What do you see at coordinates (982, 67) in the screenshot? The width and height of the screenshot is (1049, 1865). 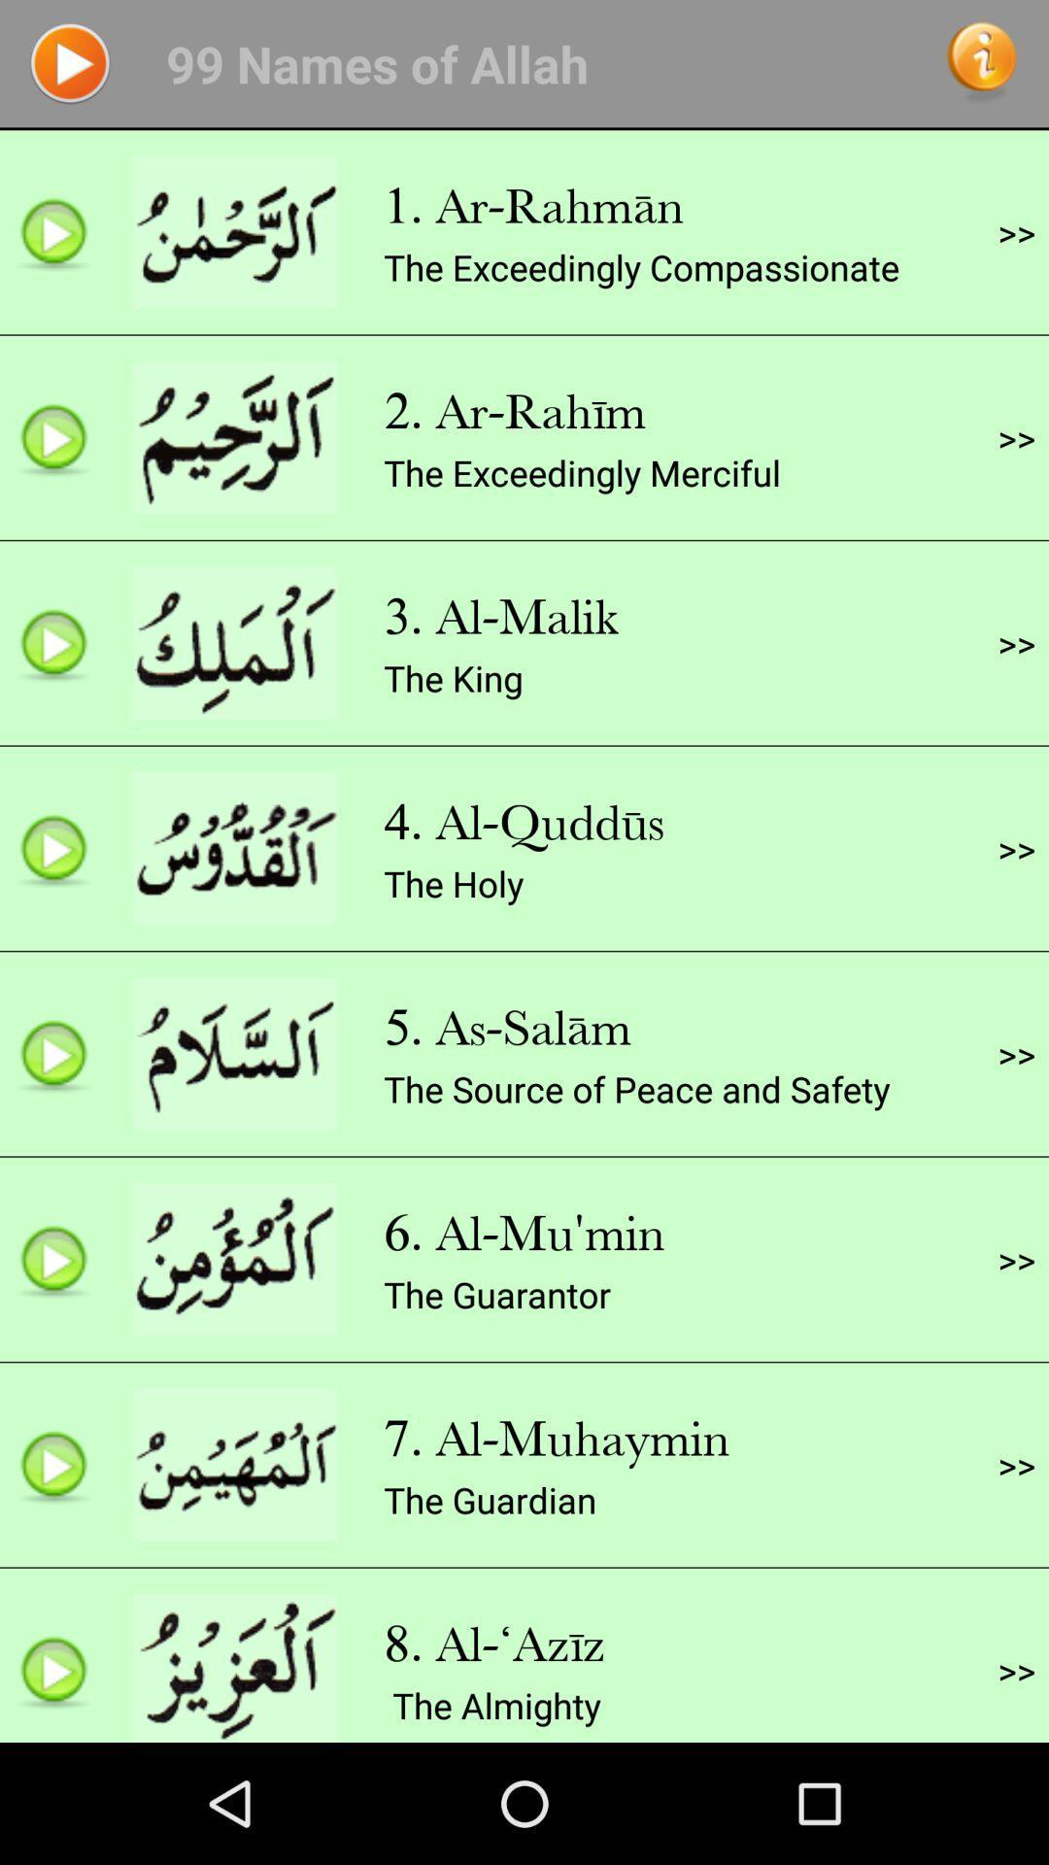 I see `the info icon` at bounding box center [982, 67].